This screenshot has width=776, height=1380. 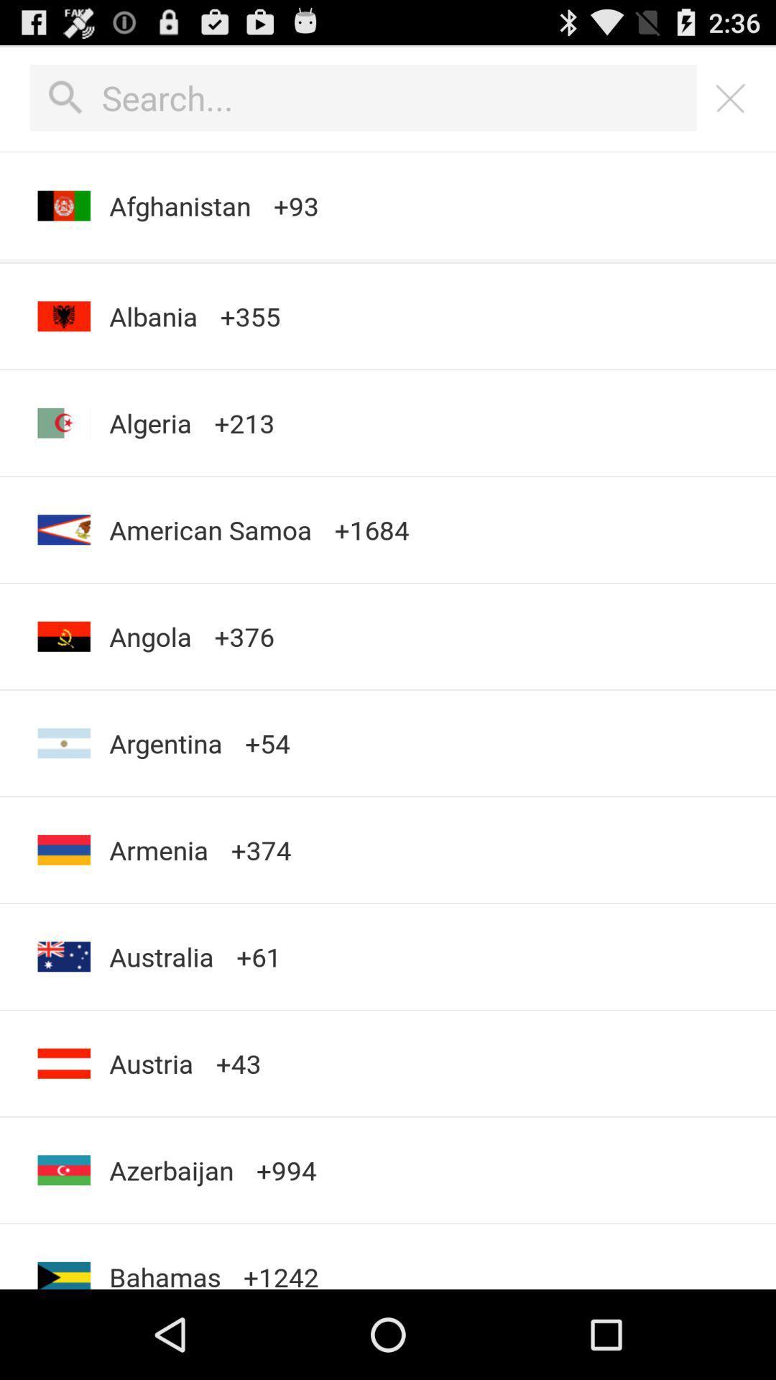 What do you see at coordinates (388, 260) in the screenshot?
I see `the item below afghanistan app` at bounding box center [388, 260].